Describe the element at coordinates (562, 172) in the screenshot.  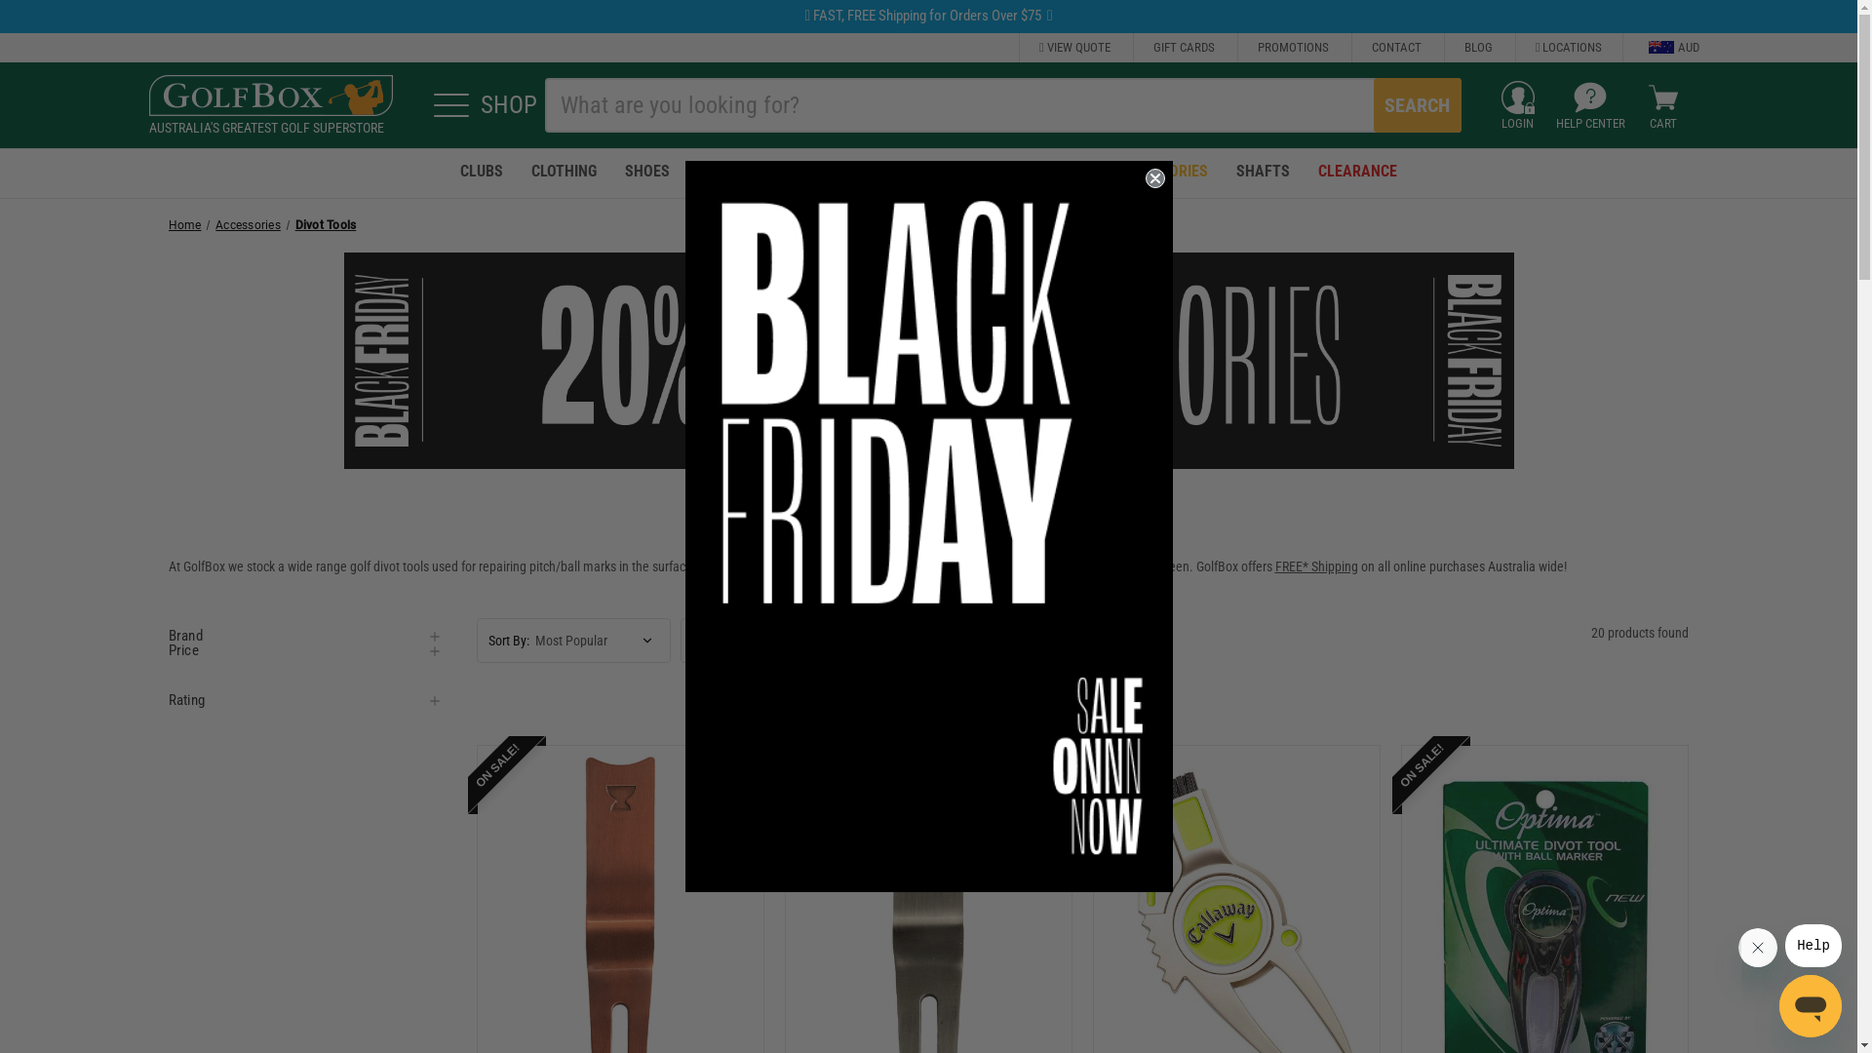
I see `'CLOTHING'` at that location.